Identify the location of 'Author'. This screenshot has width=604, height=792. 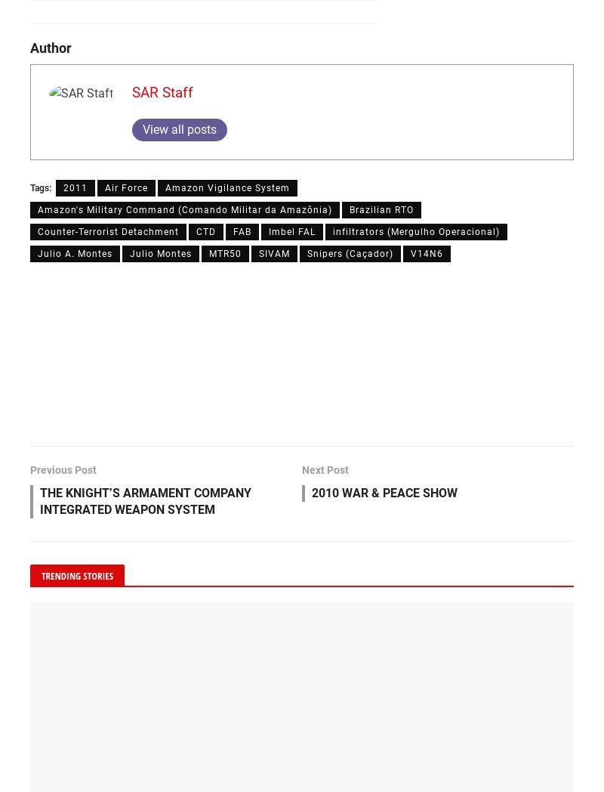
(51, 48).